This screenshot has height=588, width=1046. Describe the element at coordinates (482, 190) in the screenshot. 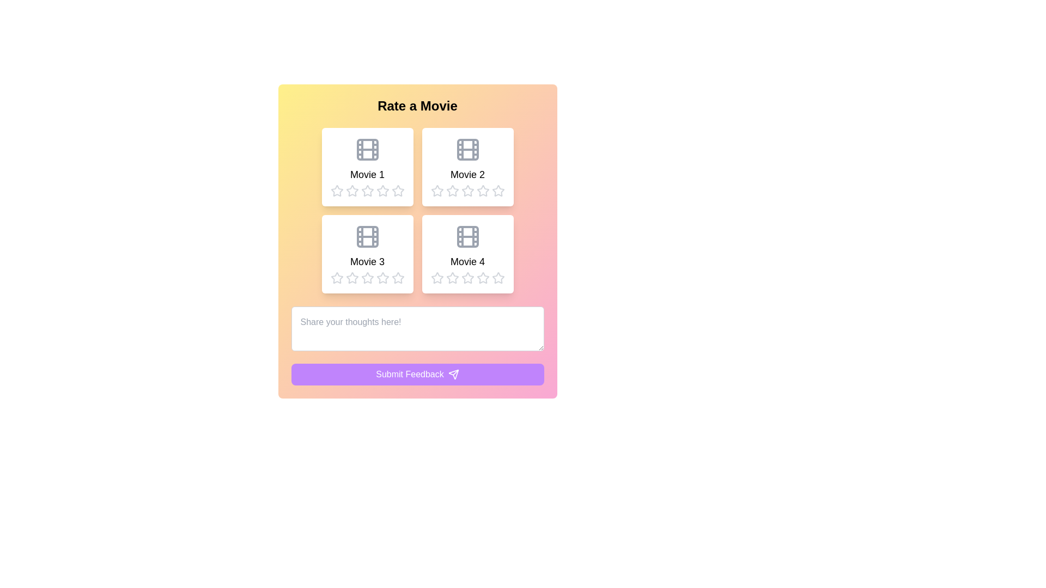

I see `over the star icon with light gray outlines, the second star from the left in the five-star rating bar under the 'Movie 2' section` at that location.